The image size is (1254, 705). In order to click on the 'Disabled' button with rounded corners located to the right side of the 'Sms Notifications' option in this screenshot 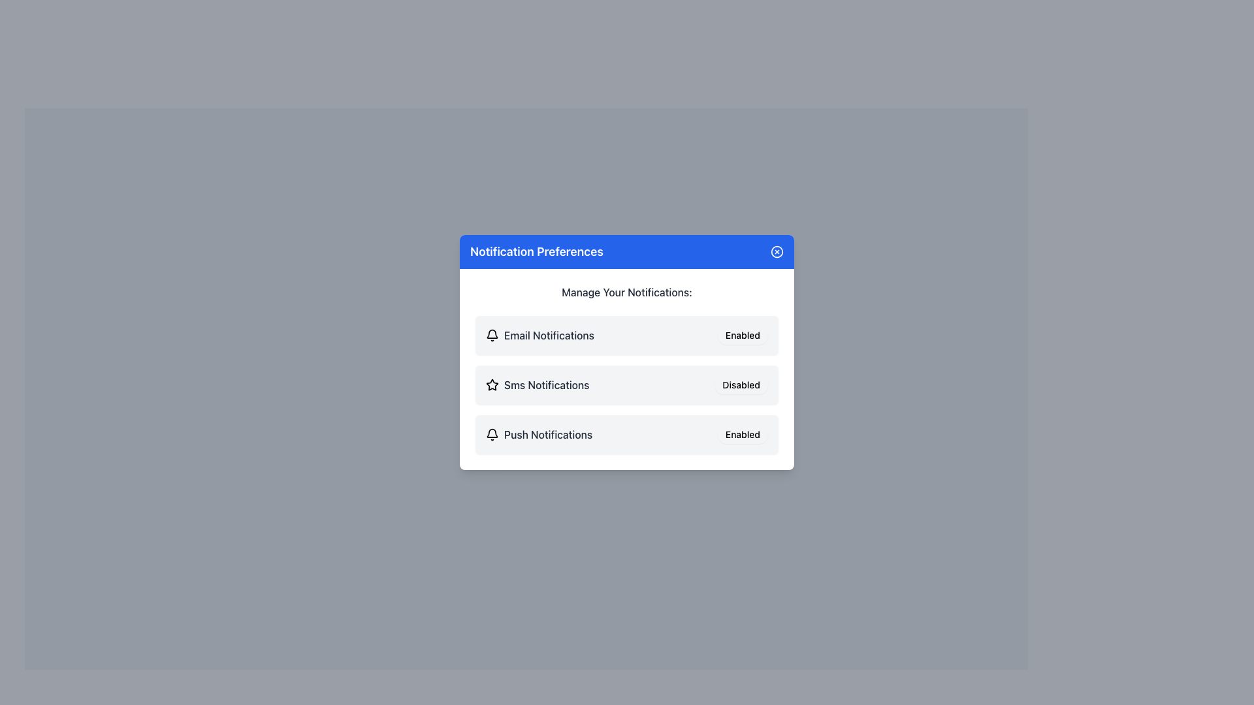, I will do `click(741, 384)`.